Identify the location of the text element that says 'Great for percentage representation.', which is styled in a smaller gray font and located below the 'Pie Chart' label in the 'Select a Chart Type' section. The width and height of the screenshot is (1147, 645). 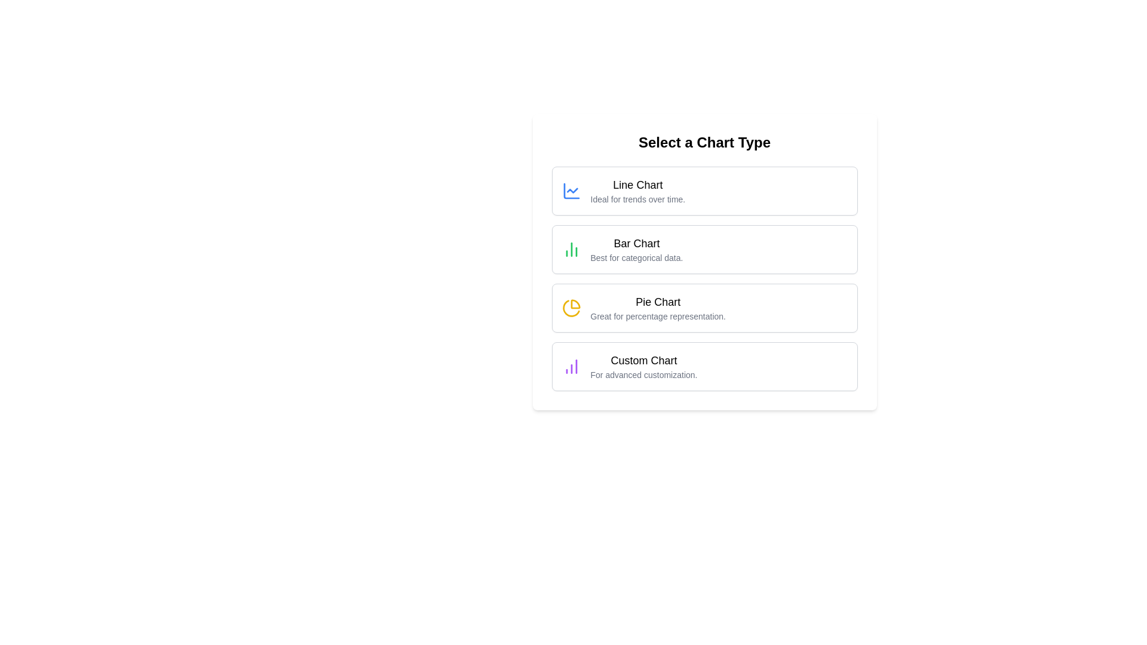
(657, 315).